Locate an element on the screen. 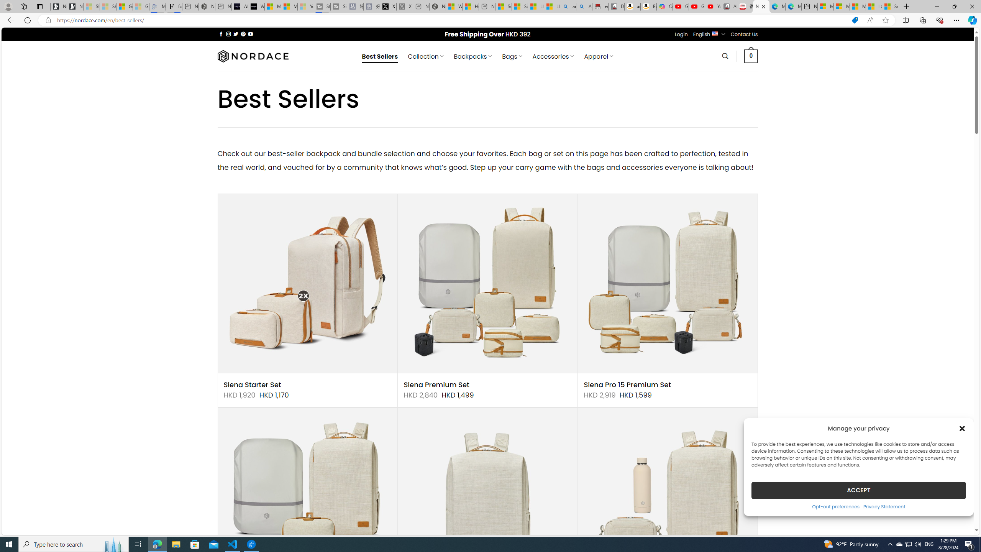 The image size is (981, 552). '  Best Sellers' is located at coordinates (380, 56).